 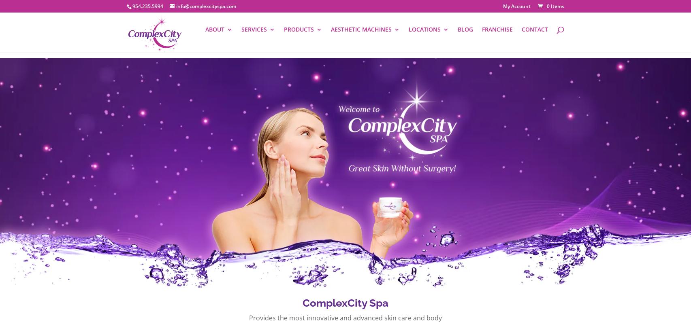 I want to click on 'SKIN CARE & FACIALS', so click(x=384, y=76).